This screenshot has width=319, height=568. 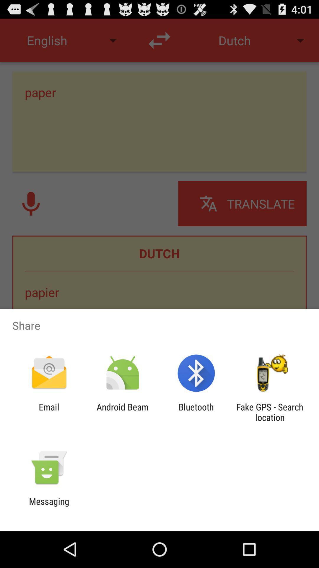 What do you see at coordinates (49, 506) in the screenshot?
I see `the messaging item` at bounding box center [49, 506].